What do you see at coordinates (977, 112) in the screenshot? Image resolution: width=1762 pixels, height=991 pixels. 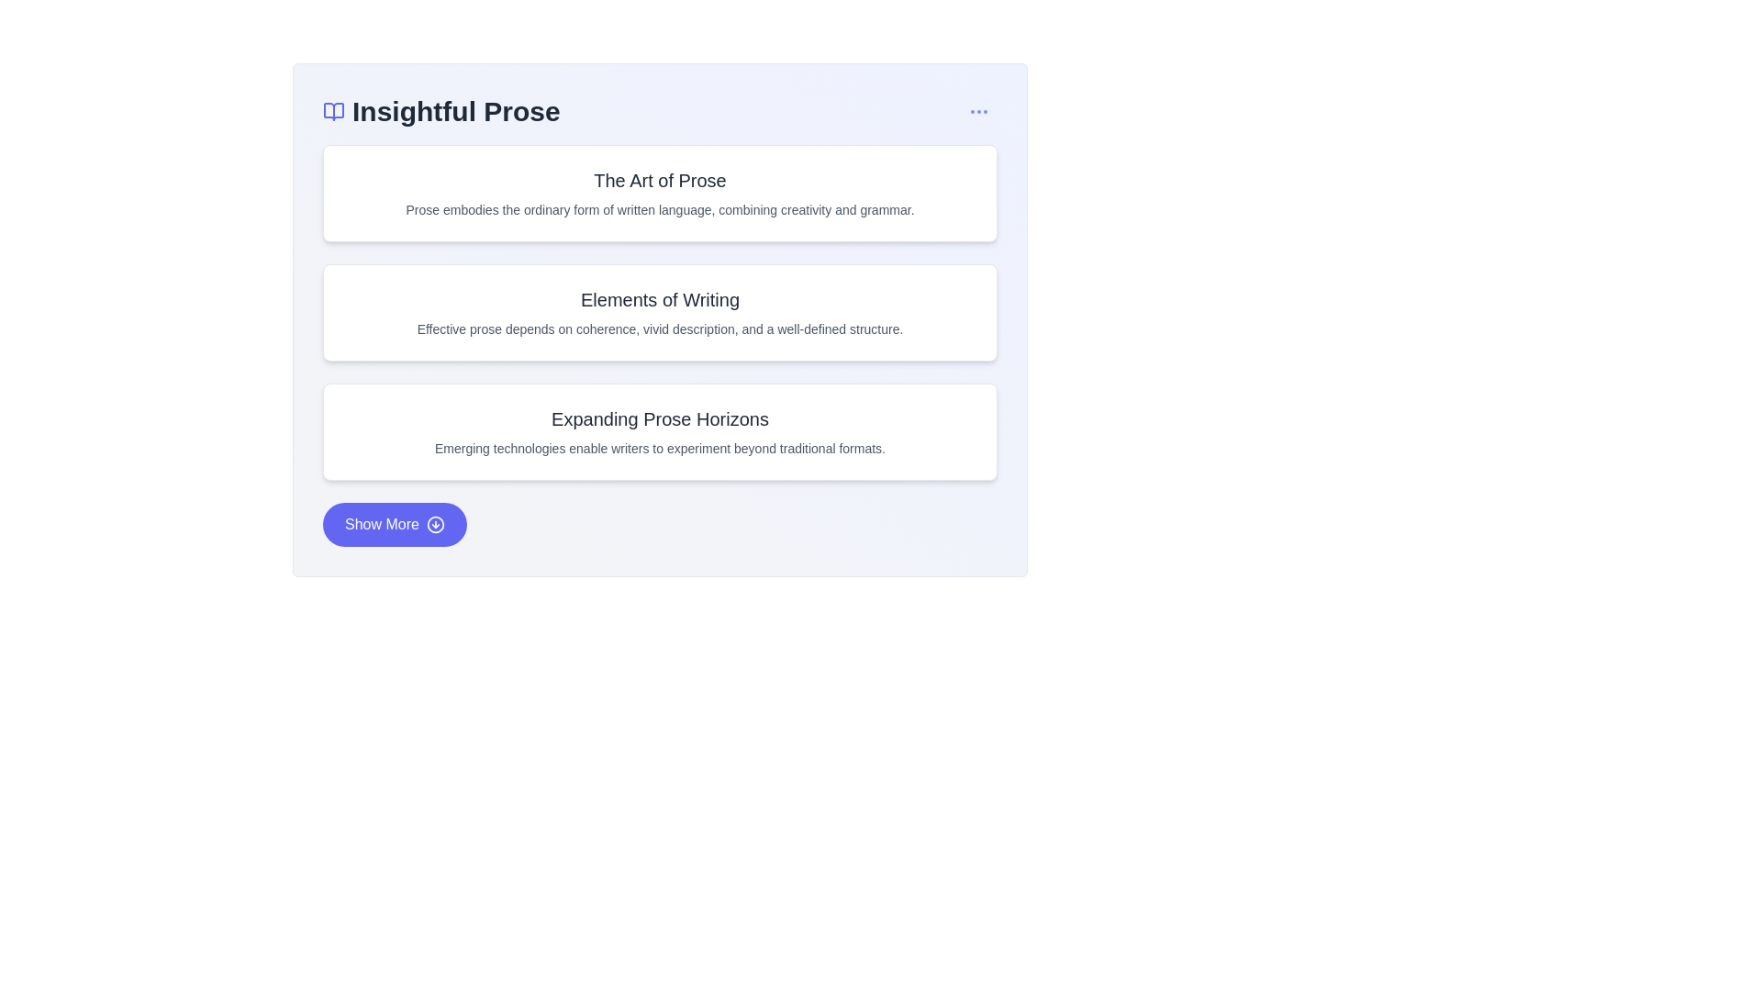 I see `the options menu icon, which is located at the top-right corner of the 'Insightful Prose' component and features a light indigo background` at bounding box center [977, 112].